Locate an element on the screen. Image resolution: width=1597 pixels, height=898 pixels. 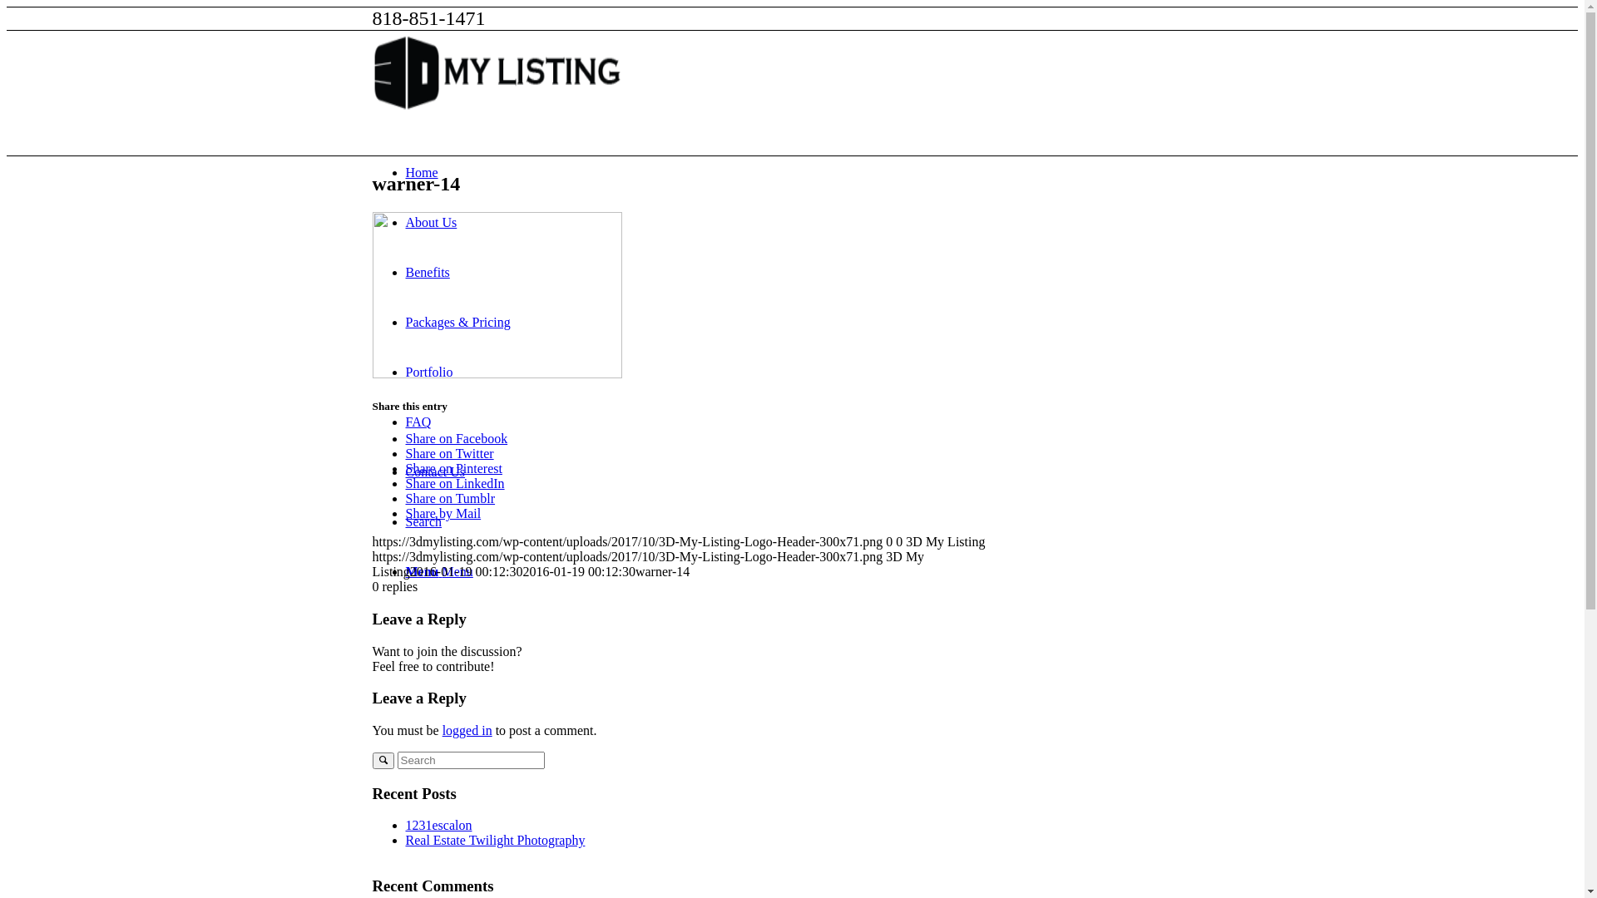
'Search' is located at coordinates (406, 521).